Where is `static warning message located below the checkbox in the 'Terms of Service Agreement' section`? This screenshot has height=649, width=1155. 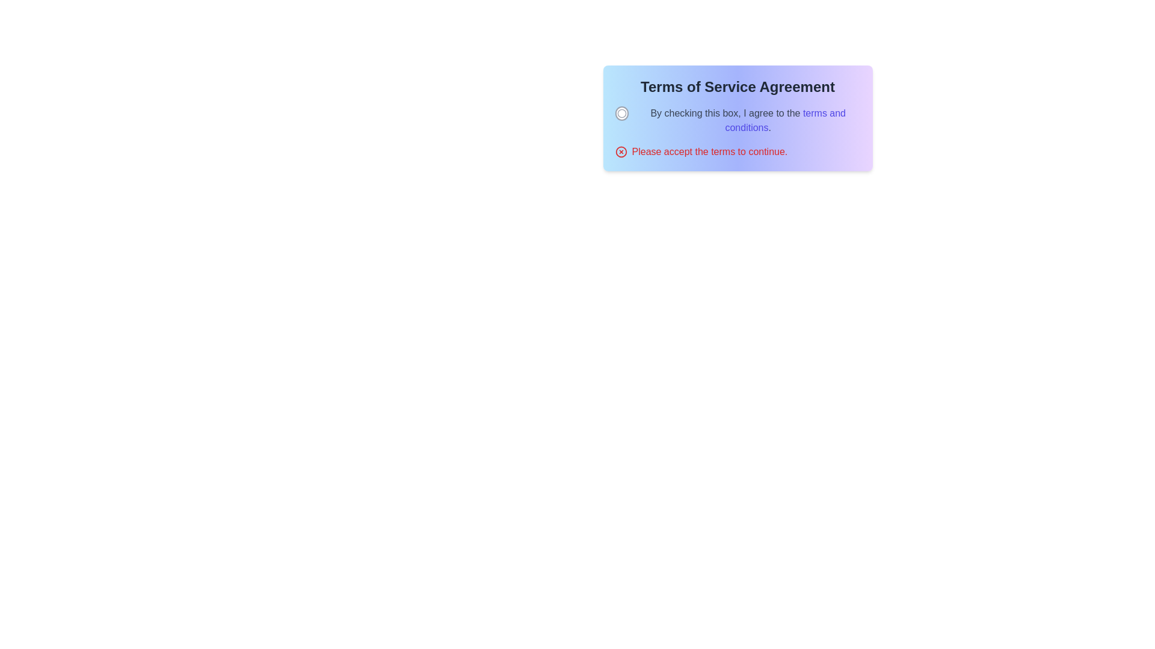
static warning message located below the checkbox in the 'Terms of Service Agreement' section is located at coordinates (737, 151).